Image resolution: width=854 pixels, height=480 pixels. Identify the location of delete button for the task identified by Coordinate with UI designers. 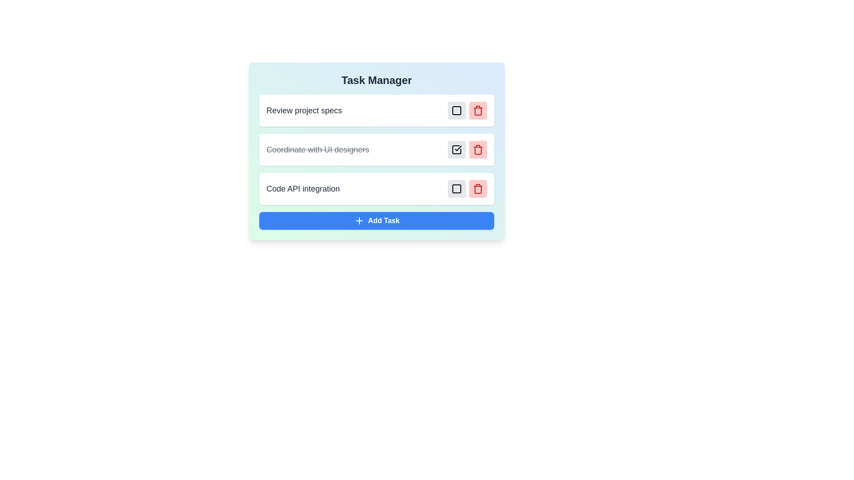
(478, 149).